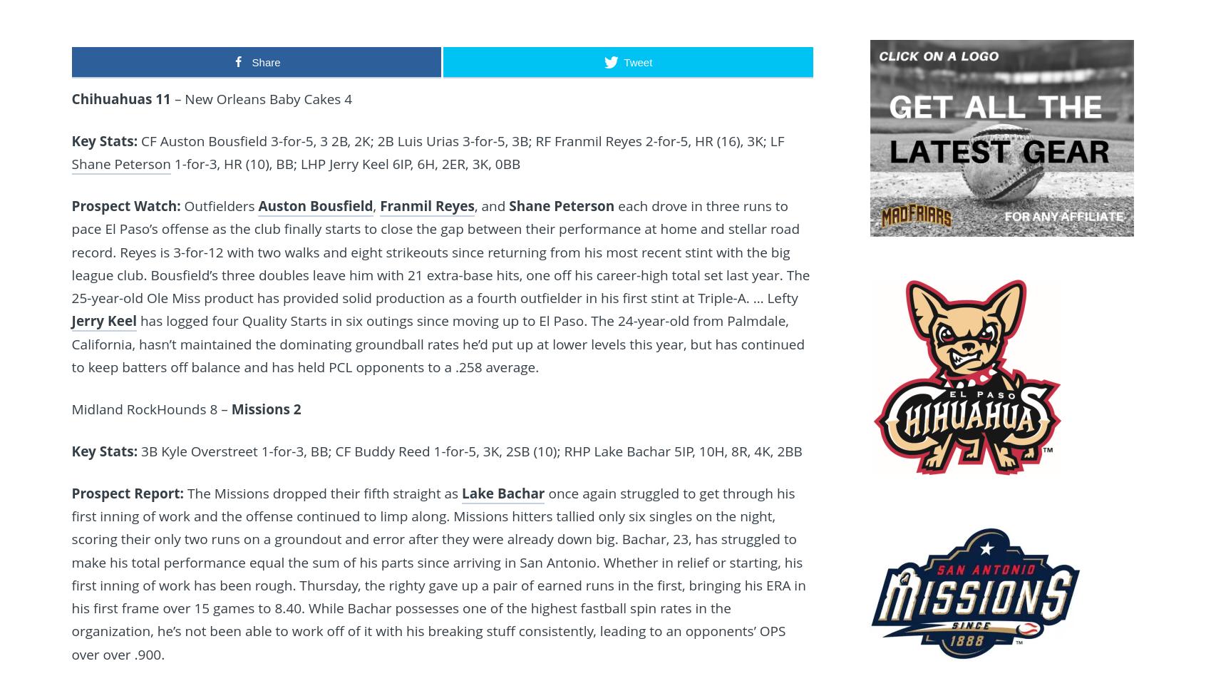 The height and width of the screenshot is (691, 1206). Describe the element at coordinates (151, 408) in the screenshot. I see `'Midland RockHounds 8 –'` at that location.